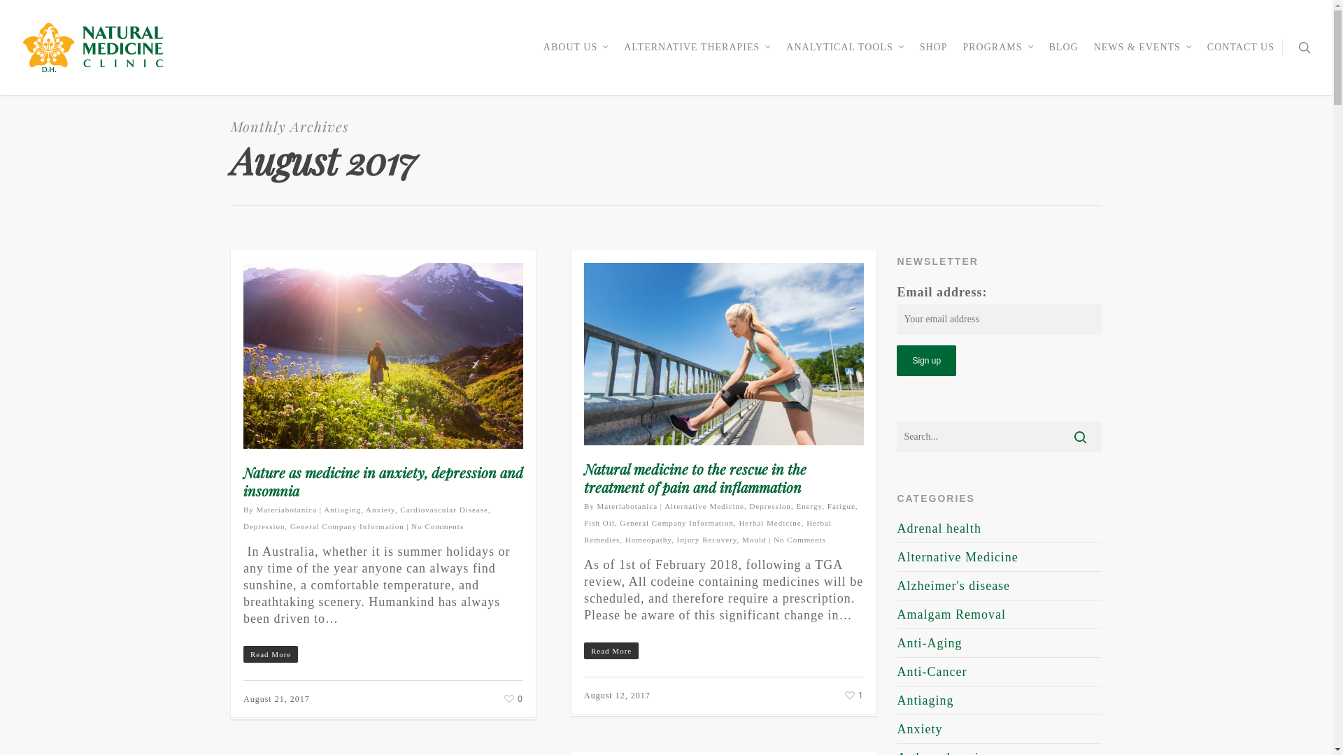  Describe the element at coordinates (1241, 56) in the screenshot. I see `'CONTACT US'` at that location.